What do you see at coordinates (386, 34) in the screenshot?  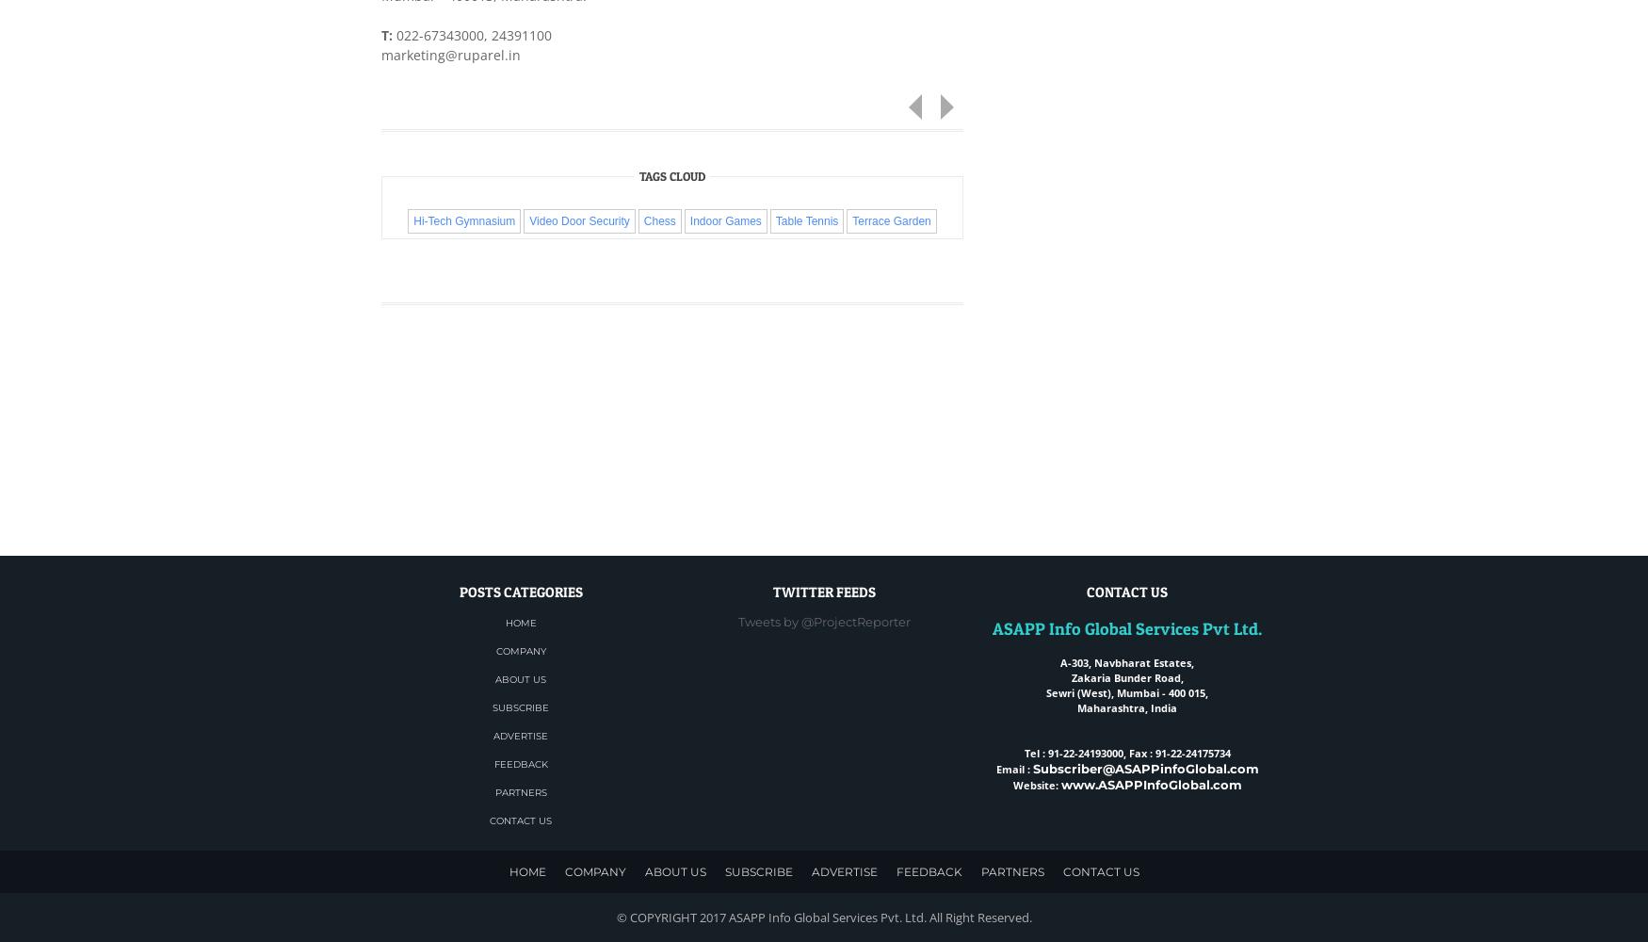 I see `'T:'` at bounding box center [386, 34].